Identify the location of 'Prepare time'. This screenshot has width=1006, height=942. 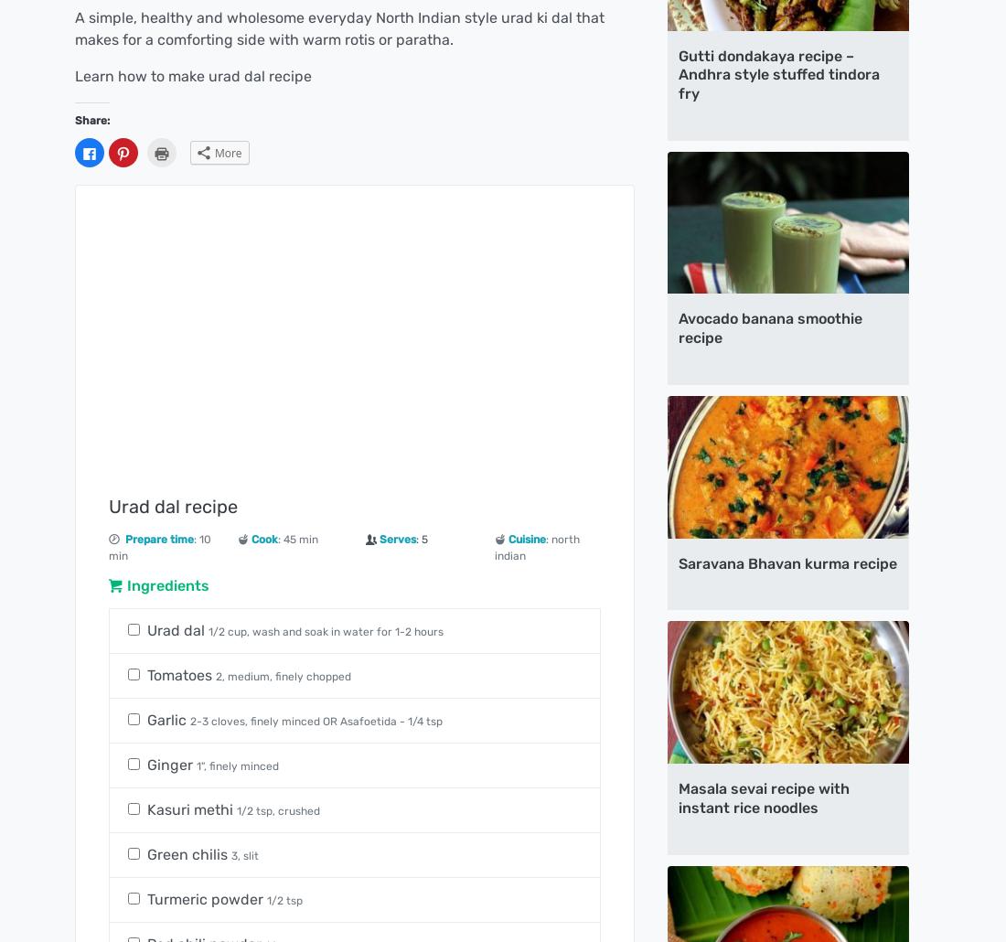
(158, 538).